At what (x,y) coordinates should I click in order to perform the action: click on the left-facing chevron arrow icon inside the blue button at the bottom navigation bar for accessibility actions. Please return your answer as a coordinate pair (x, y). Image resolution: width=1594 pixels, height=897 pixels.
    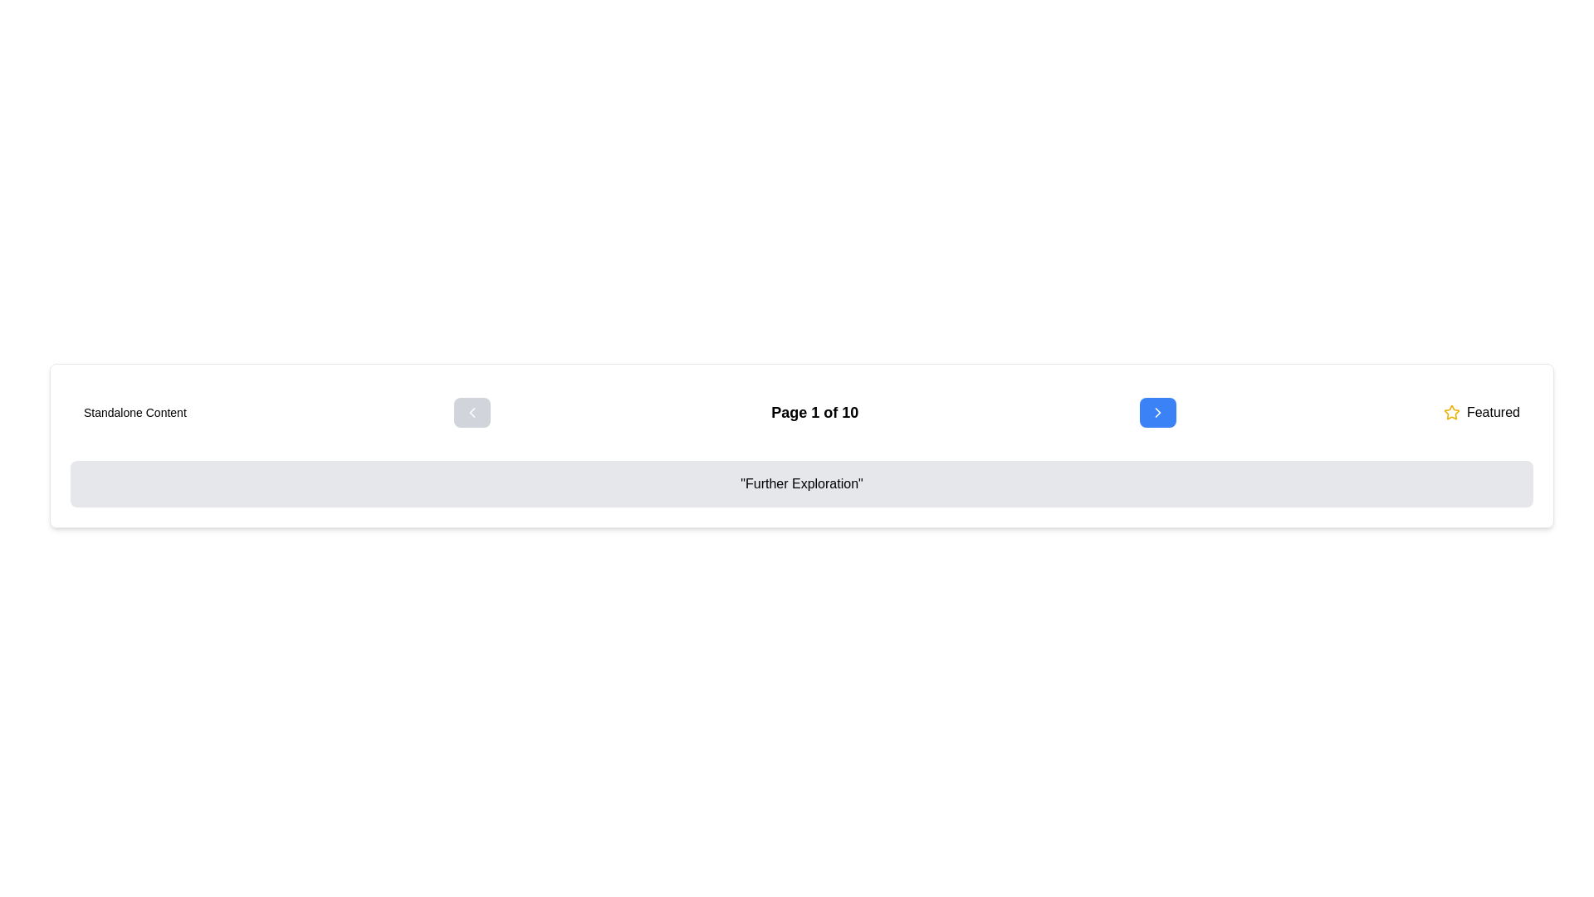
    Looking at the image, I should click on (472, 412).